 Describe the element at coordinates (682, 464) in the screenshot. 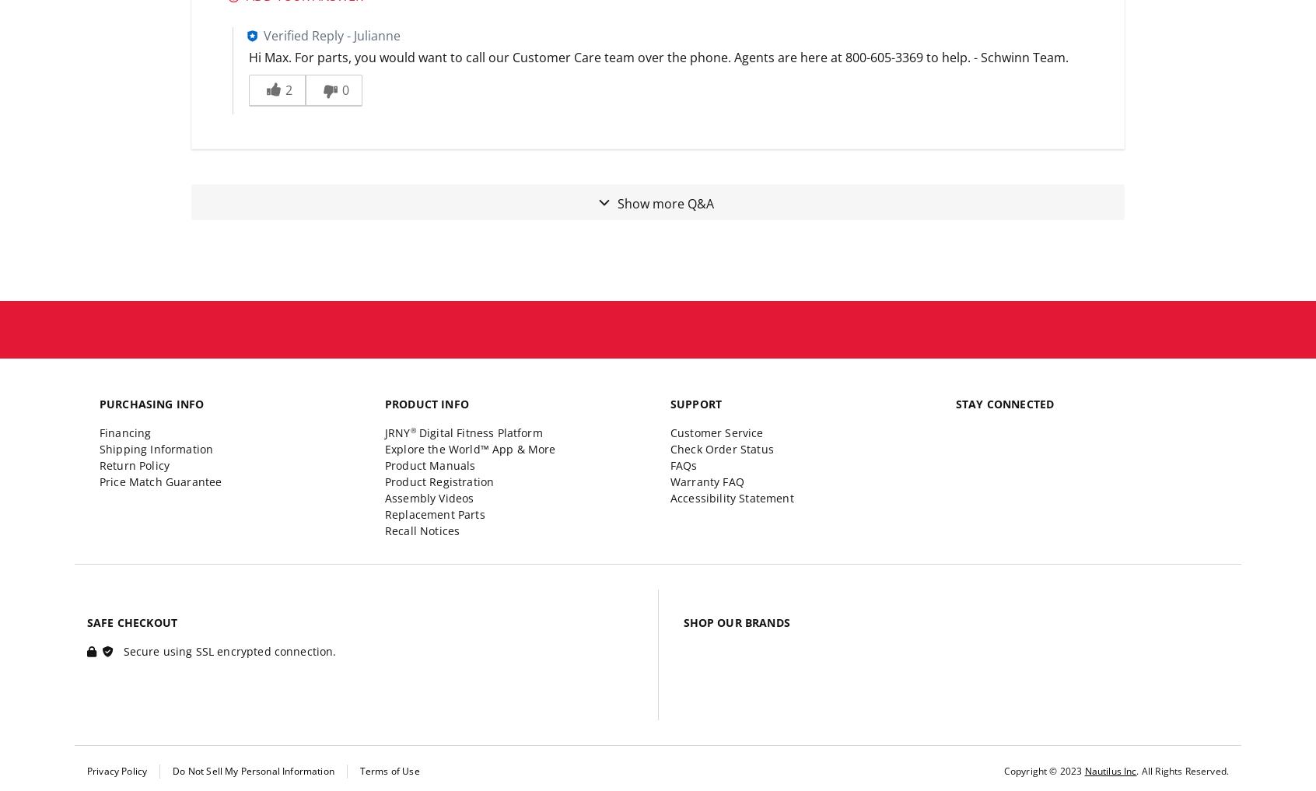

I see `'FAQs'` at that location.